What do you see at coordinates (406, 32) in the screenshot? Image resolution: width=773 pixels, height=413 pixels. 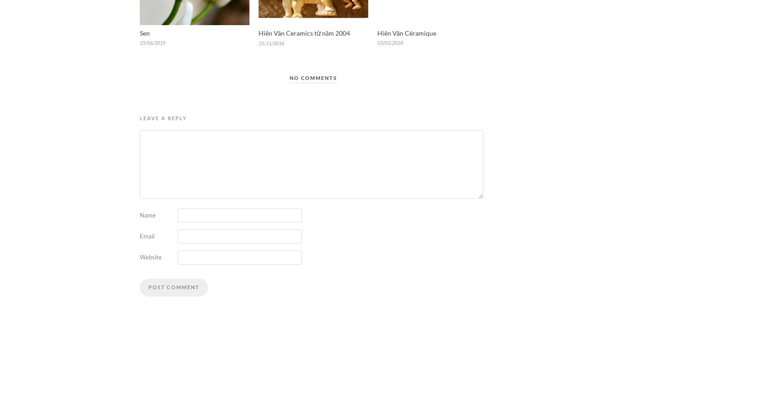 I see `'Hiên Vân Céramique'` at bounding box center [406, 32].